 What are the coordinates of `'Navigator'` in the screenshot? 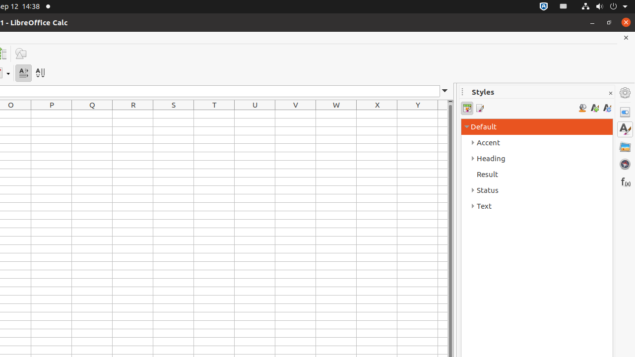 It's located at (625, 163).